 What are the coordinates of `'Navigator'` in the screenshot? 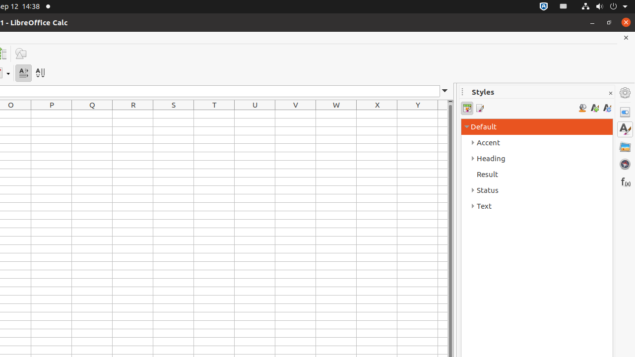 It's located at (625, 163).